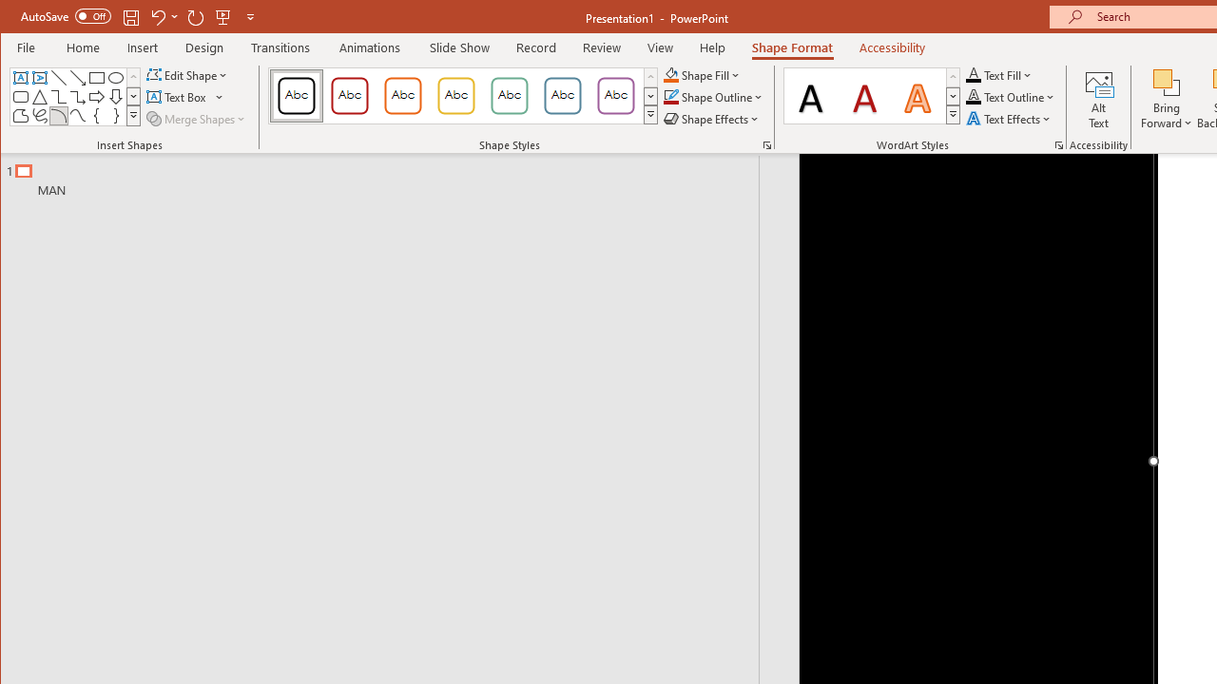 This screenshot has width=1217, height=684. What do you see at coordinates (204, 47) in the screenshot?
I see `'Design'` at bounding box center [204, 47].